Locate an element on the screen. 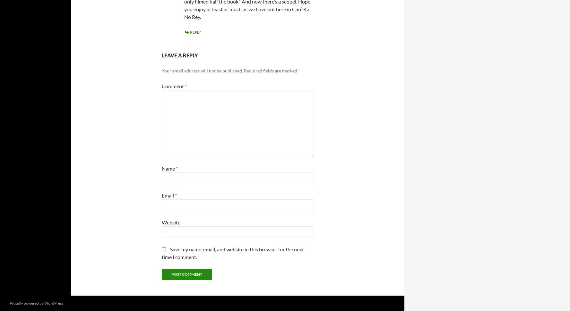 The image size is (570, 311). 'Website' is located at coordinates (171, 222).